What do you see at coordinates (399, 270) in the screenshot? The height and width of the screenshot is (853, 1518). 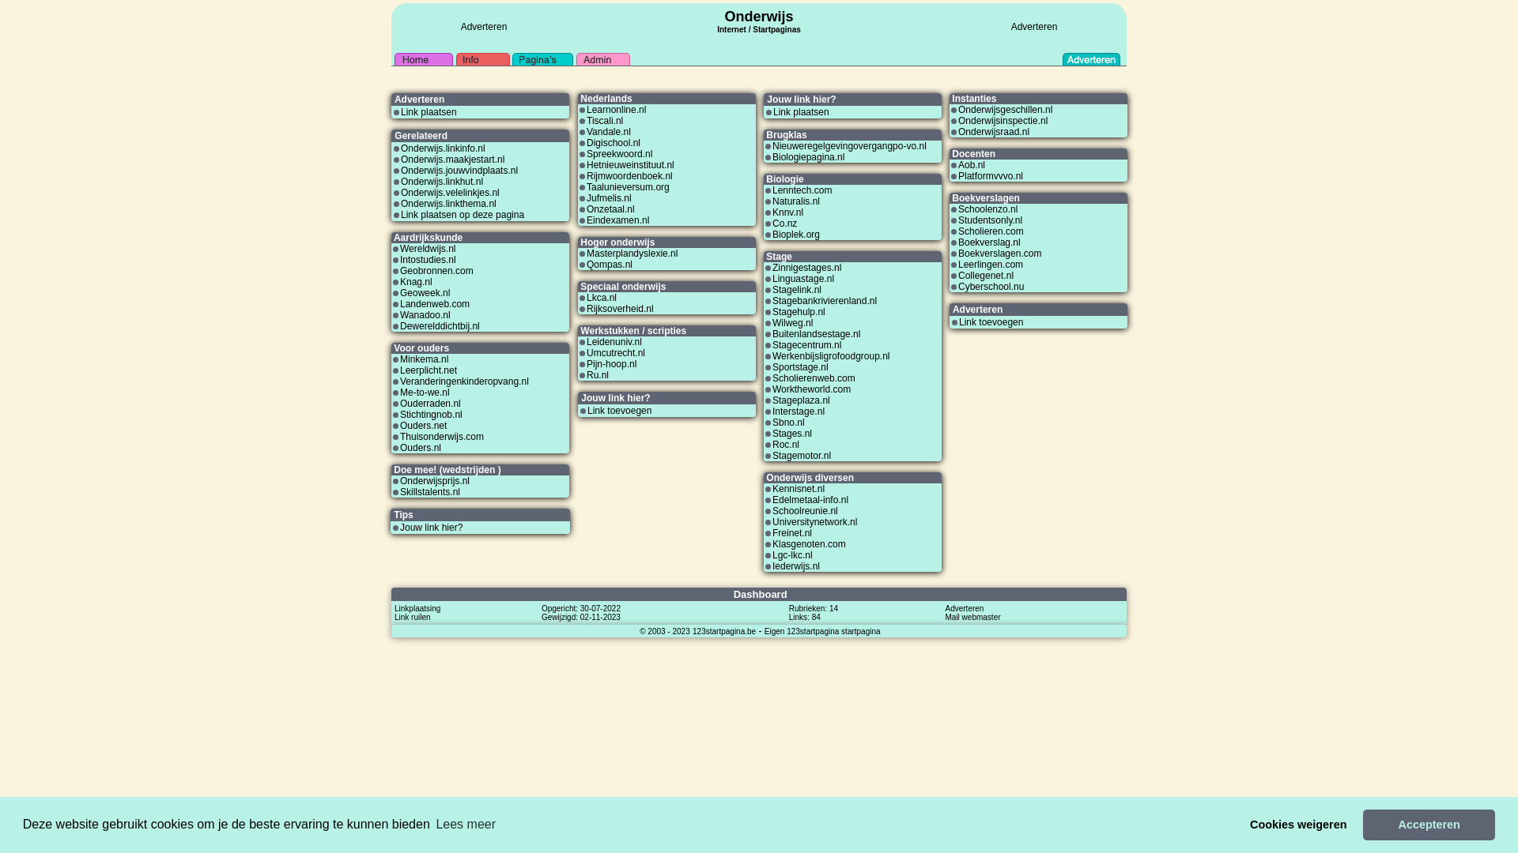 I see `'Geobronnen.com'` at bounding box center [399, 270].